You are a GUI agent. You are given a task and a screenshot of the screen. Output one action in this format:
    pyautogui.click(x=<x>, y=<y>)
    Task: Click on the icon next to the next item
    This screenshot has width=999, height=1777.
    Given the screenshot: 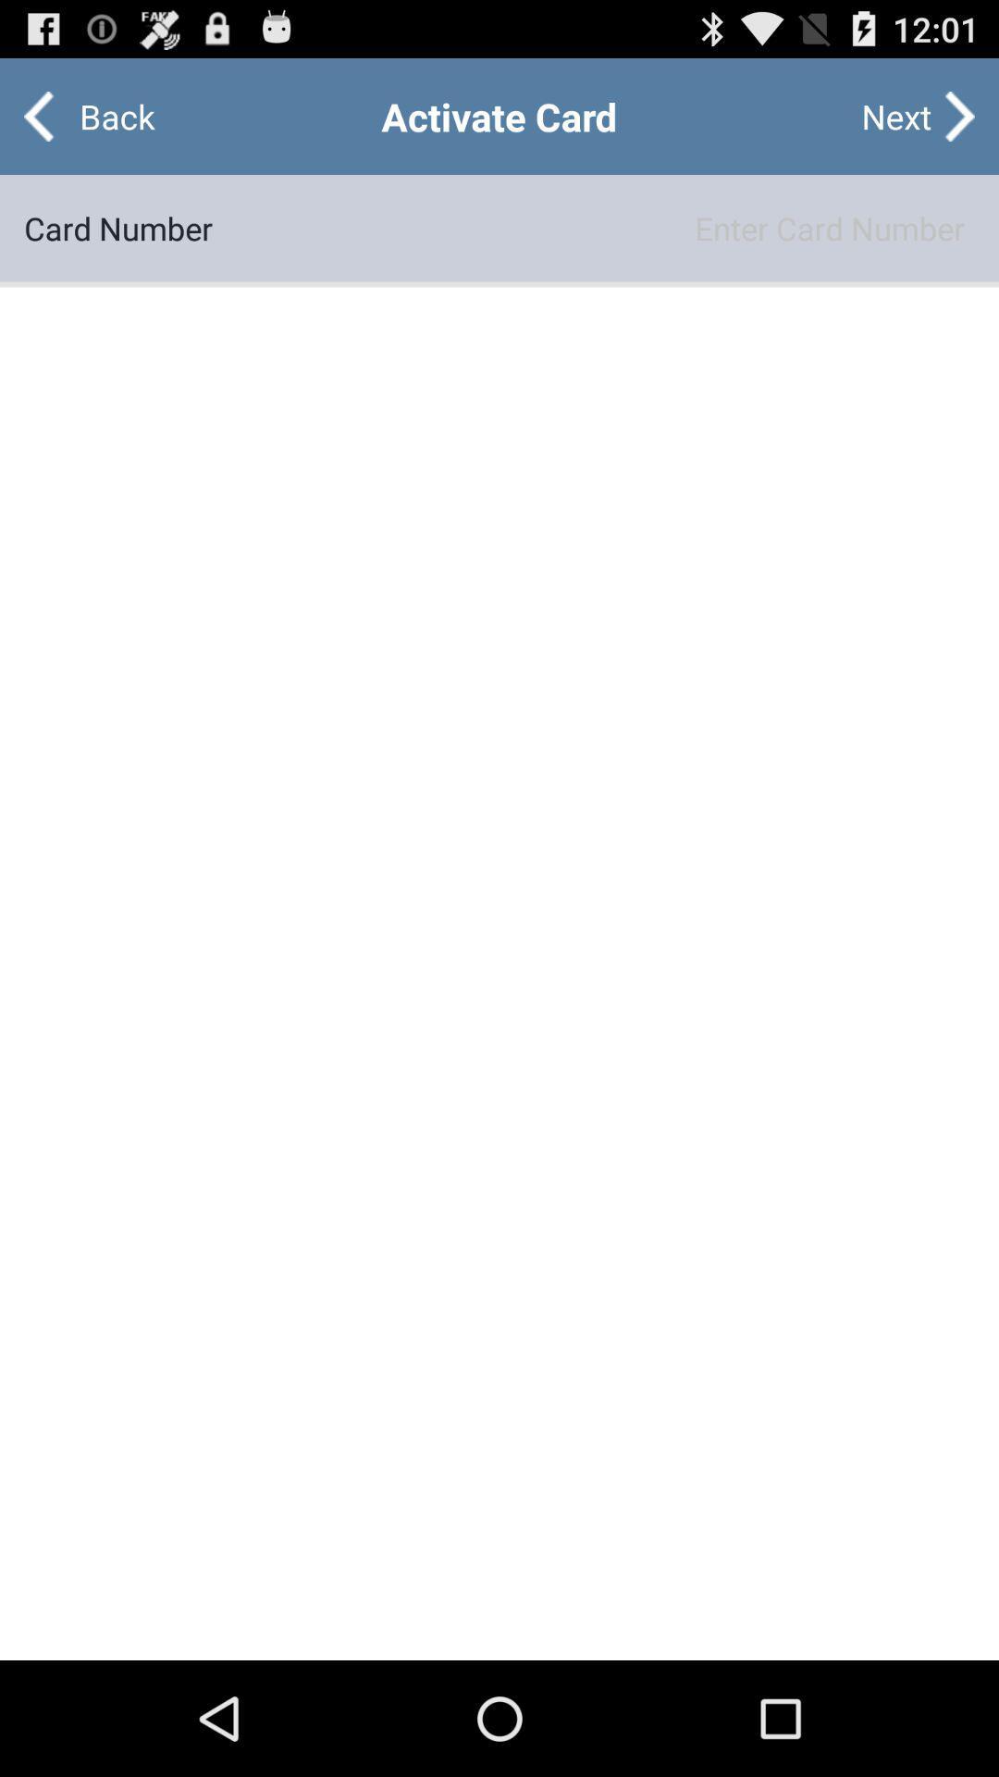 What is the action you would take?
    pyautogui.click(x=102, y=115)
    